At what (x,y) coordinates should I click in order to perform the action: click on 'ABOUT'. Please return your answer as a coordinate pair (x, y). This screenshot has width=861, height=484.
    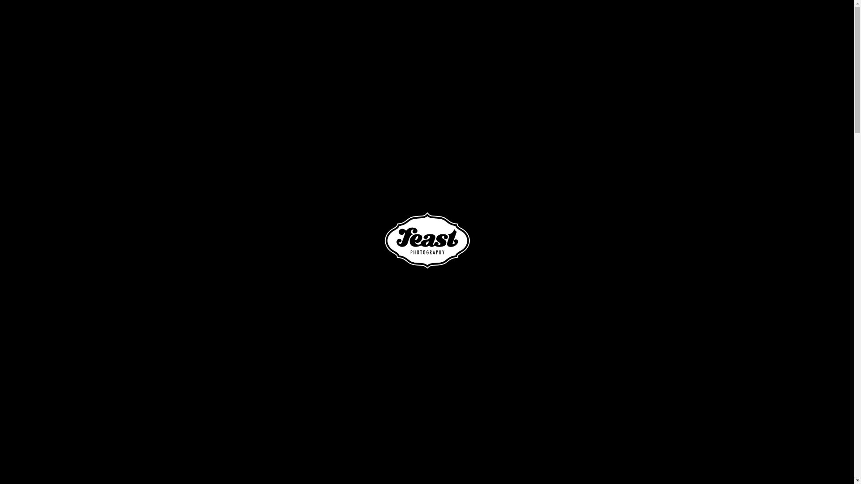
    Looking at the image, I should click on (559, 22).